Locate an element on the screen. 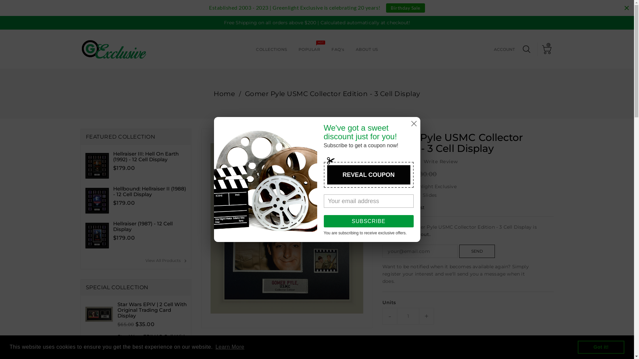  'Write Review' is located at coordinates (441, 162).